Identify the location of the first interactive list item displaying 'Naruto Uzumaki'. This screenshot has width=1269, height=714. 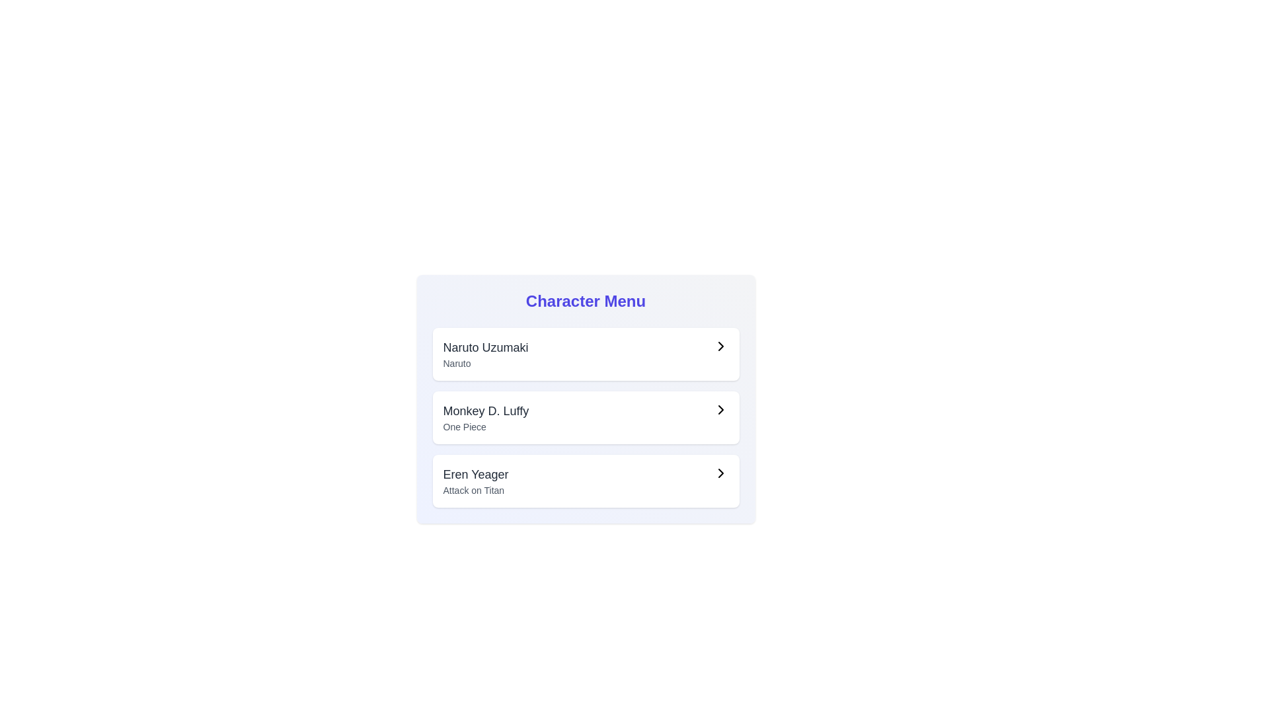
(585, 354).